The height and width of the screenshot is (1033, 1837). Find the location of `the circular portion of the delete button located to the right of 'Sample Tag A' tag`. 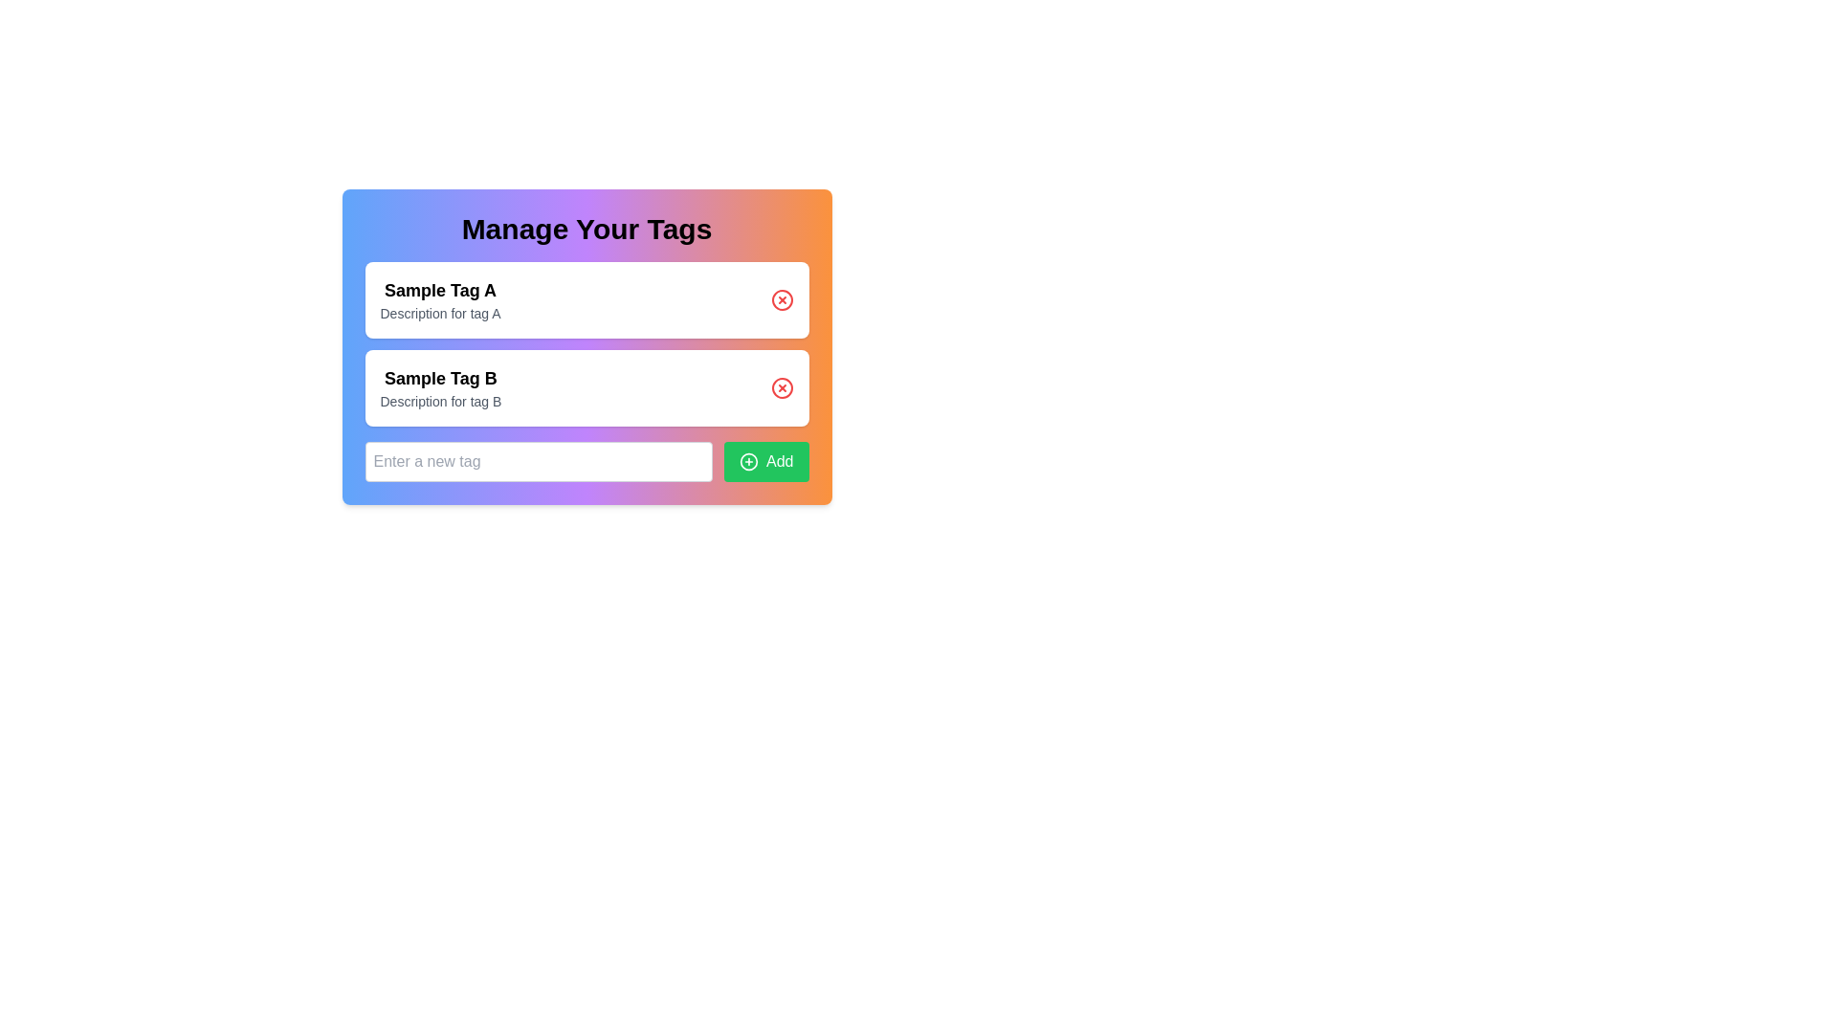

the circular portion of the delete button located to the right of 'Sample Tag A' tag is located at coordinates (782, 299).